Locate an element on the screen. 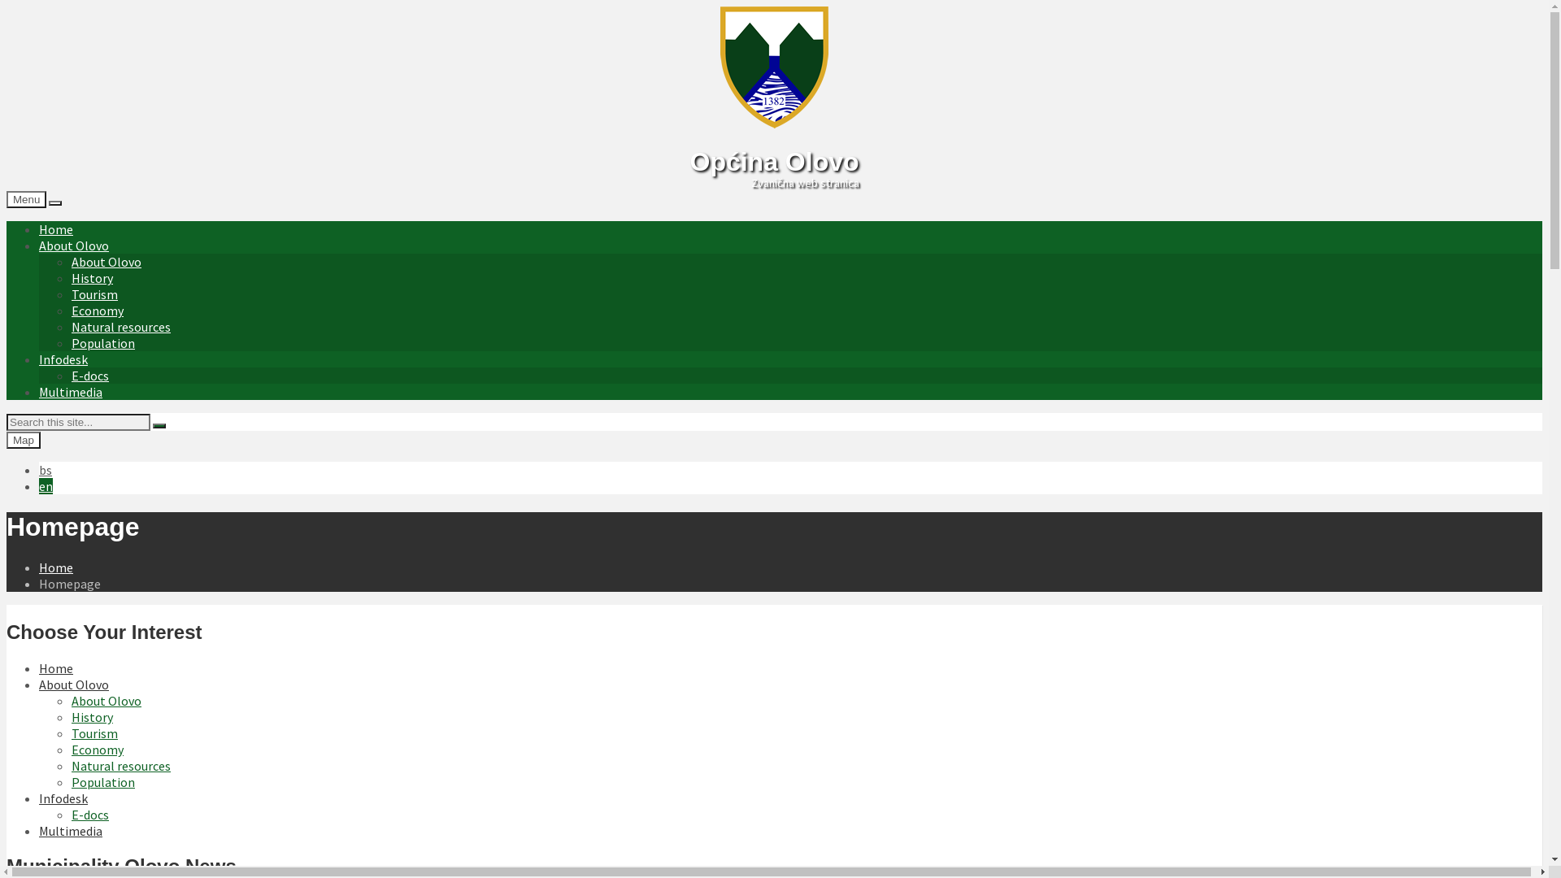  'About Olovo' is located at coordinates (73, 684).